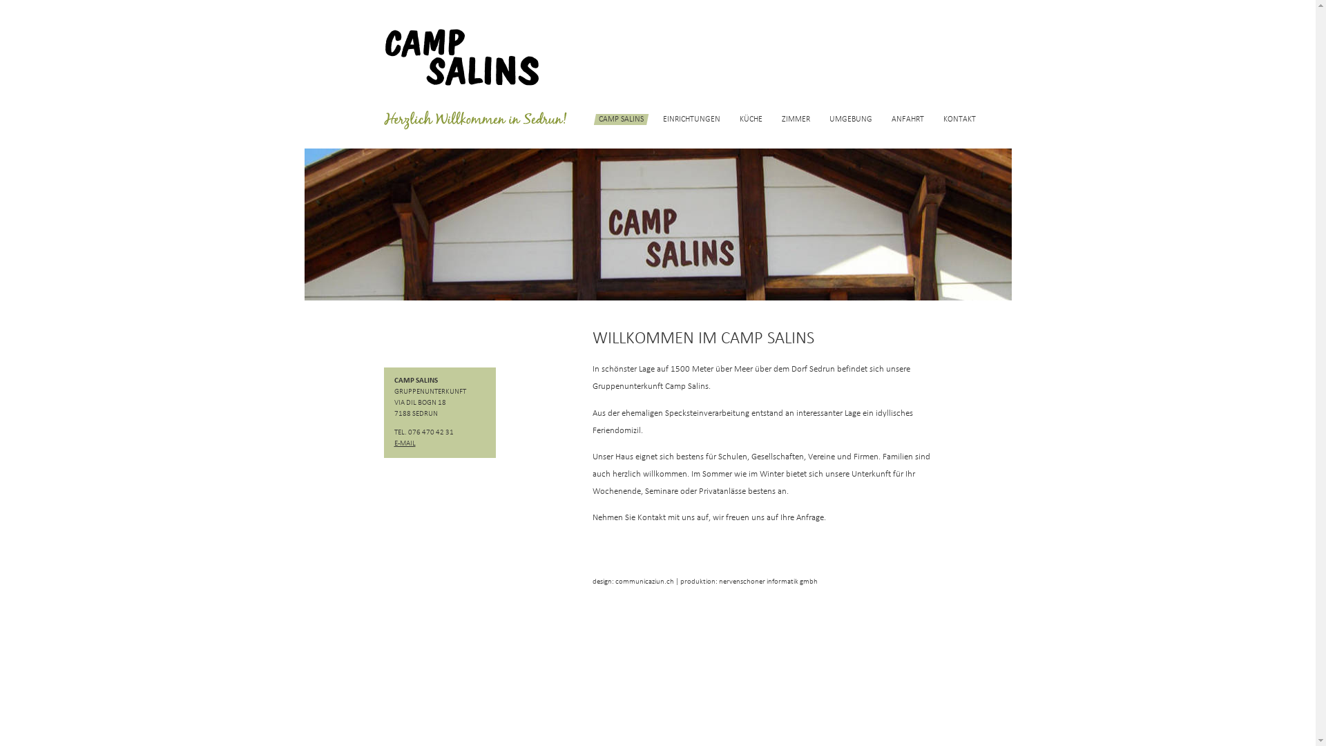 The image size is (1326, 746). What do you see at coordinates (767, 582) in the screenshot?
I see `'nervenschoner informatik gmbh'` at bounding box center [767, 582].